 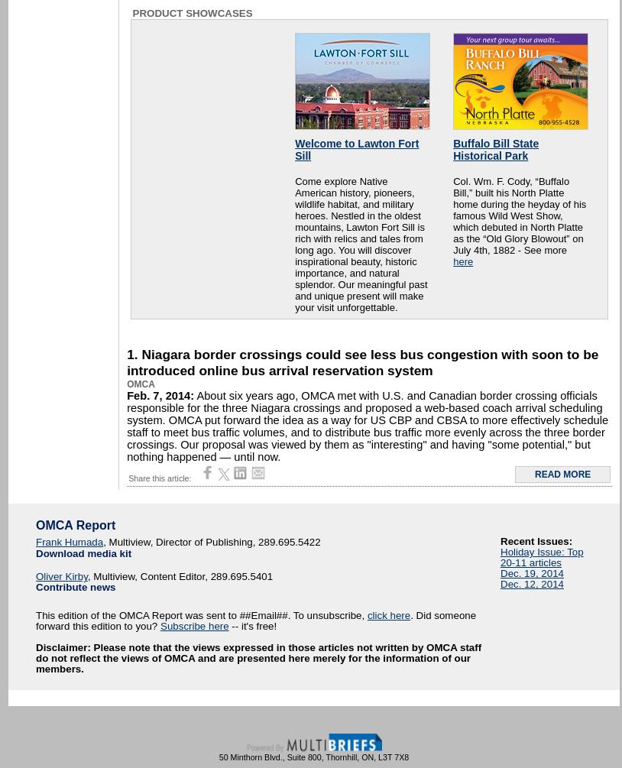 What do you see at coordinates (452, 148) in the screenshot?
I see `'Buffalo Bill State Historical Park'` at bounding box center [452, 148].